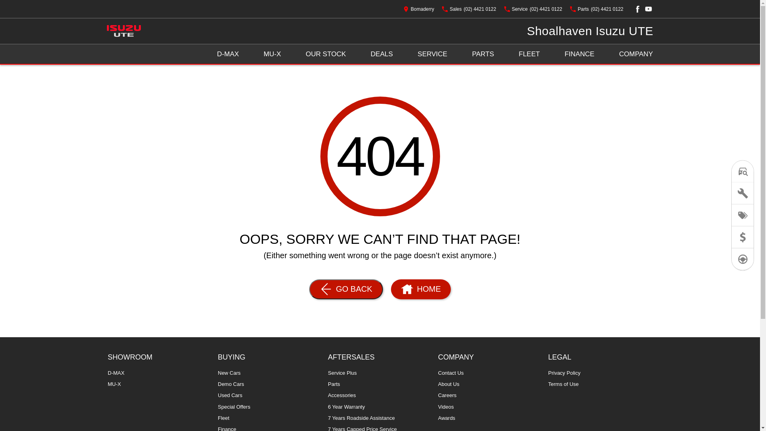  What do you see at coordinates (590, 30) in the screenshot?
I see `'Shoalhaven Isuzu UTE'` at bounding box center [590, 30].